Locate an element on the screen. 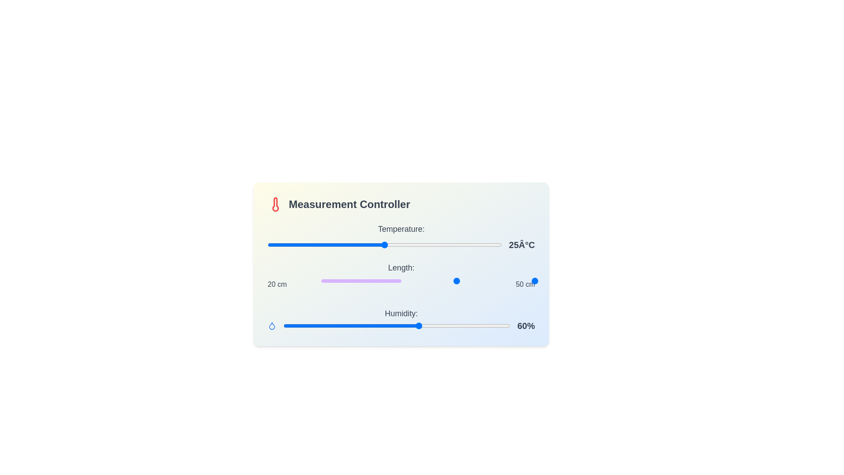 Image resolution: width=844 pixels, height=475 pixels. the length is located at coordinates (400, 281).